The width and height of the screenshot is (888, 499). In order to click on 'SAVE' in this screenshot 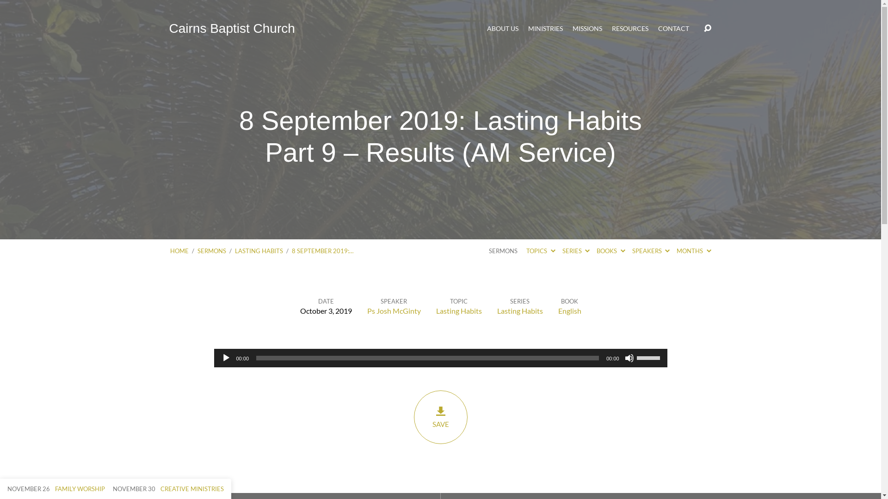, I will do `click(413, 417)`.